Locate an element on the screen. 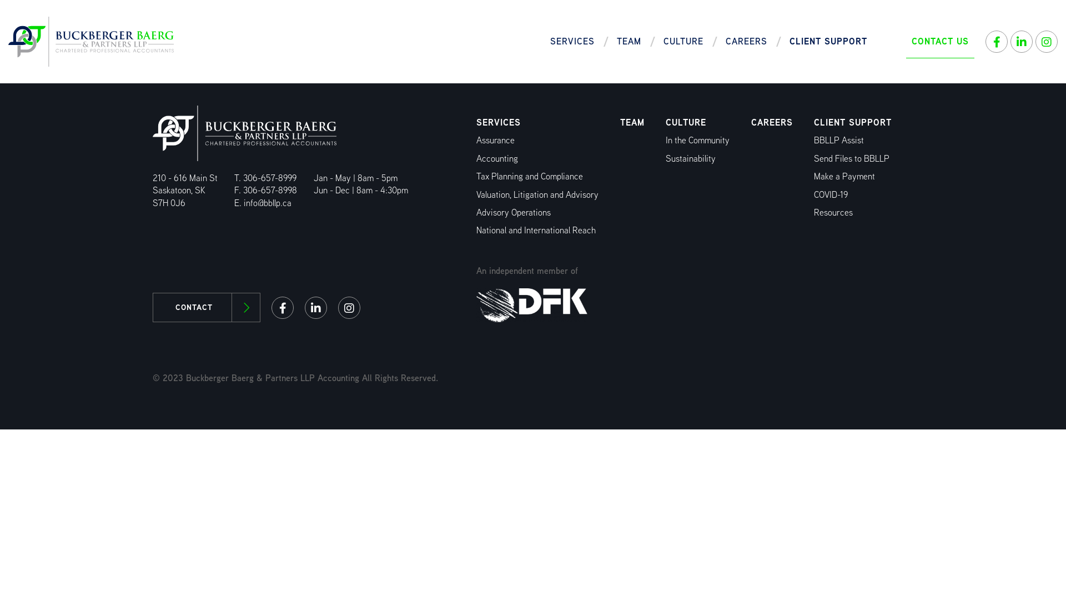 This screenshot has width=1066, height=600. 'Tax Planning and Compliance' is located at coordinates (476, 176).